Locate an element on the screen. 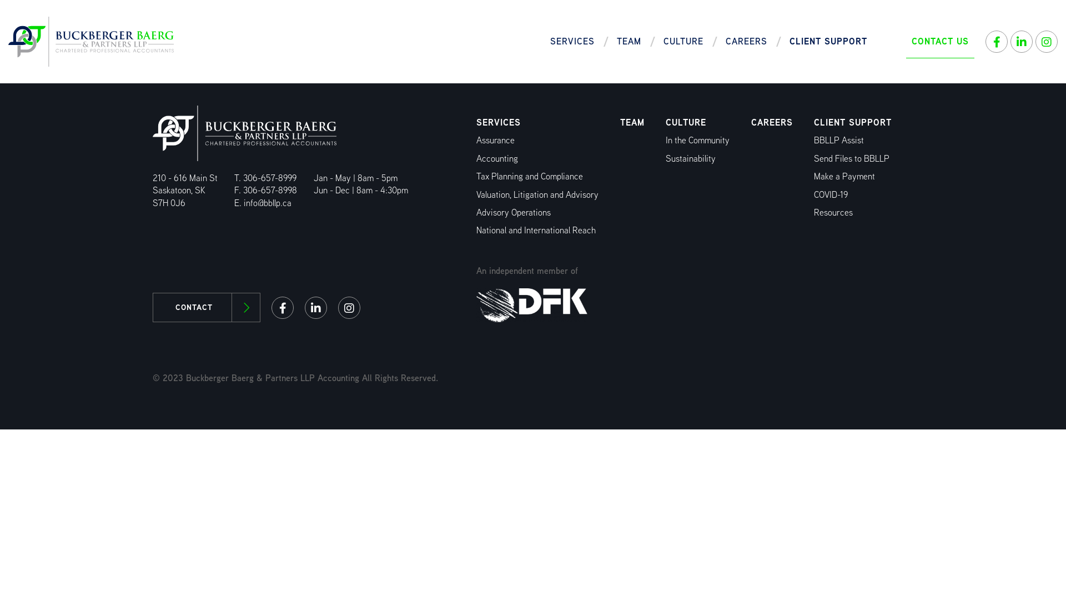 This screenshot has width=1066, height=600. 'Tax Planning and Compliance' is located at coordinates (476, 176).